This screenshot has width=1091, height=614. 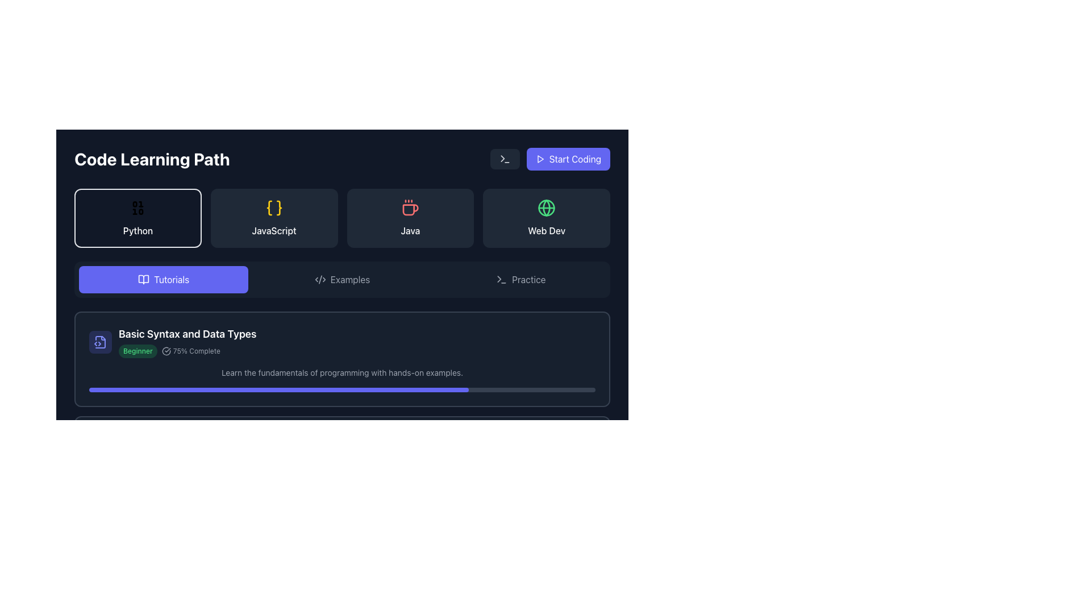 I want to click on the progress indicator displaying '75% Complete' with a checkmark icon to its left, which is styled in gray and located to the right of the 'Beginner' tag, so click(x=191, y=350).